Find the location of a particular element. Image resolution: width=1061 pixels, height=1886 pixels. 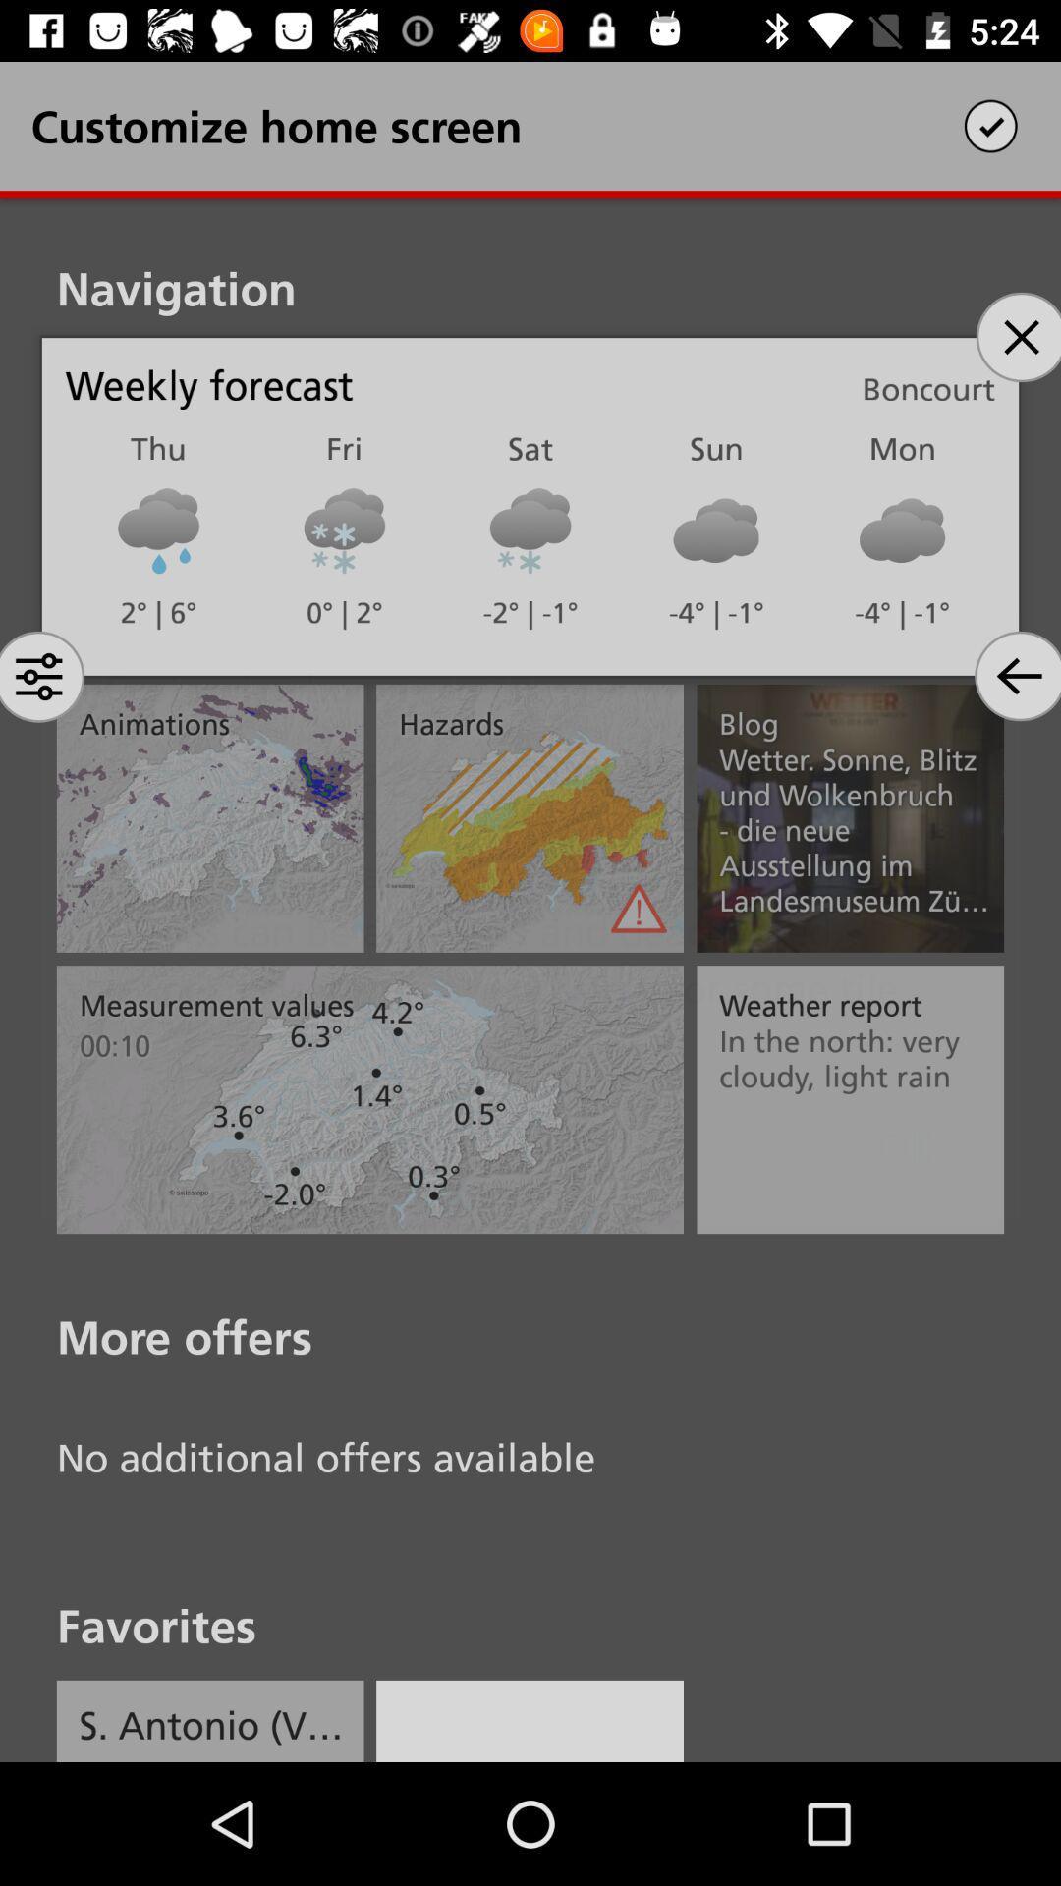

the close icon is located at coordinates (1017, 337).